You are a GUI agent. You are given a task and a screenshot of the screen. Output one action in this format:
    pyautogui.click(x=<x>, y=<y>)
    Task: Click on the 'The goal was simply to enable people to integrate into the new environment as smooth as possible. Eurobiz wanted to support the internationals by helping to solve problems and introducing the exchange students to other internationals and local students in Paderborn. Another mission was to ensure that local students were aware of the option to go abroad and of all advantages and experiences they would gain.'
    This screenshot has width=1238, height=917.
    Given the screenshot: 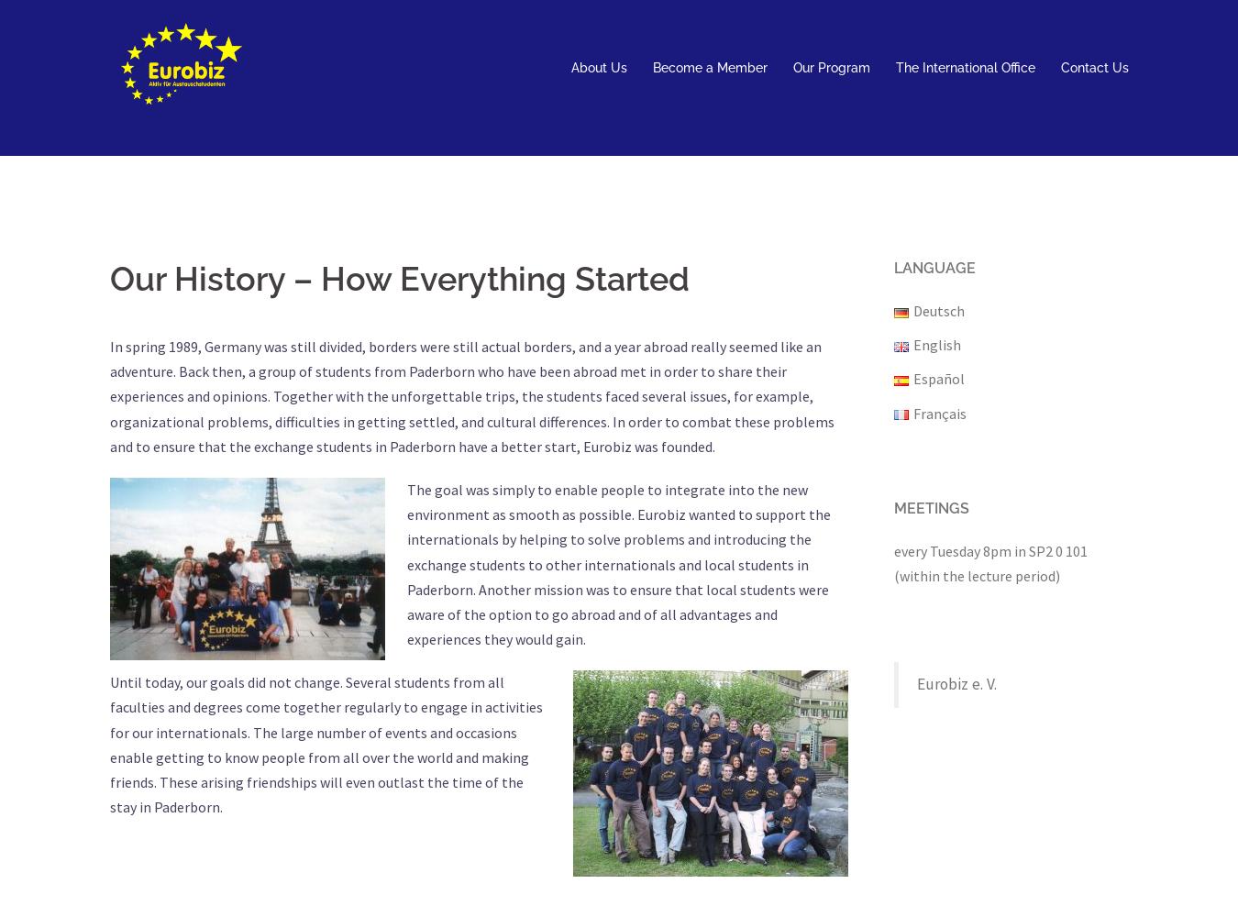 What is the action you would take?
    pyautogui.click(x=619, y=563)
    